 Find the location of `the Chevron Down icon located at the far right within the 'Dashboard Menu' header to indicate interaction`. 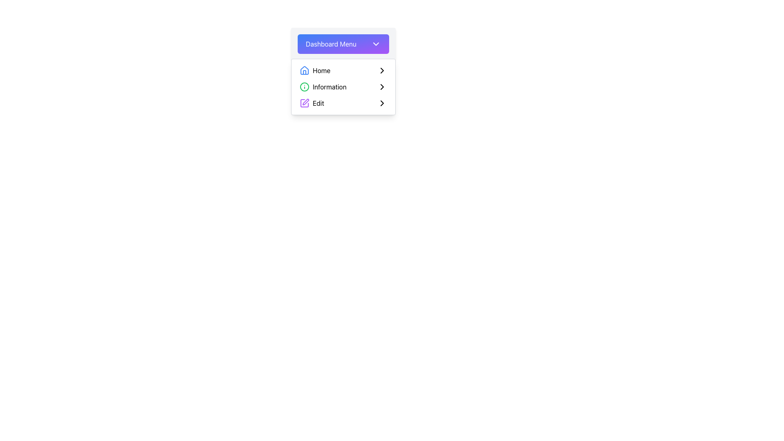

the Chevron Down icon located at the far right within the 'Dashboard Menu' header to indicate interaction is located at coordinates (376, 44).